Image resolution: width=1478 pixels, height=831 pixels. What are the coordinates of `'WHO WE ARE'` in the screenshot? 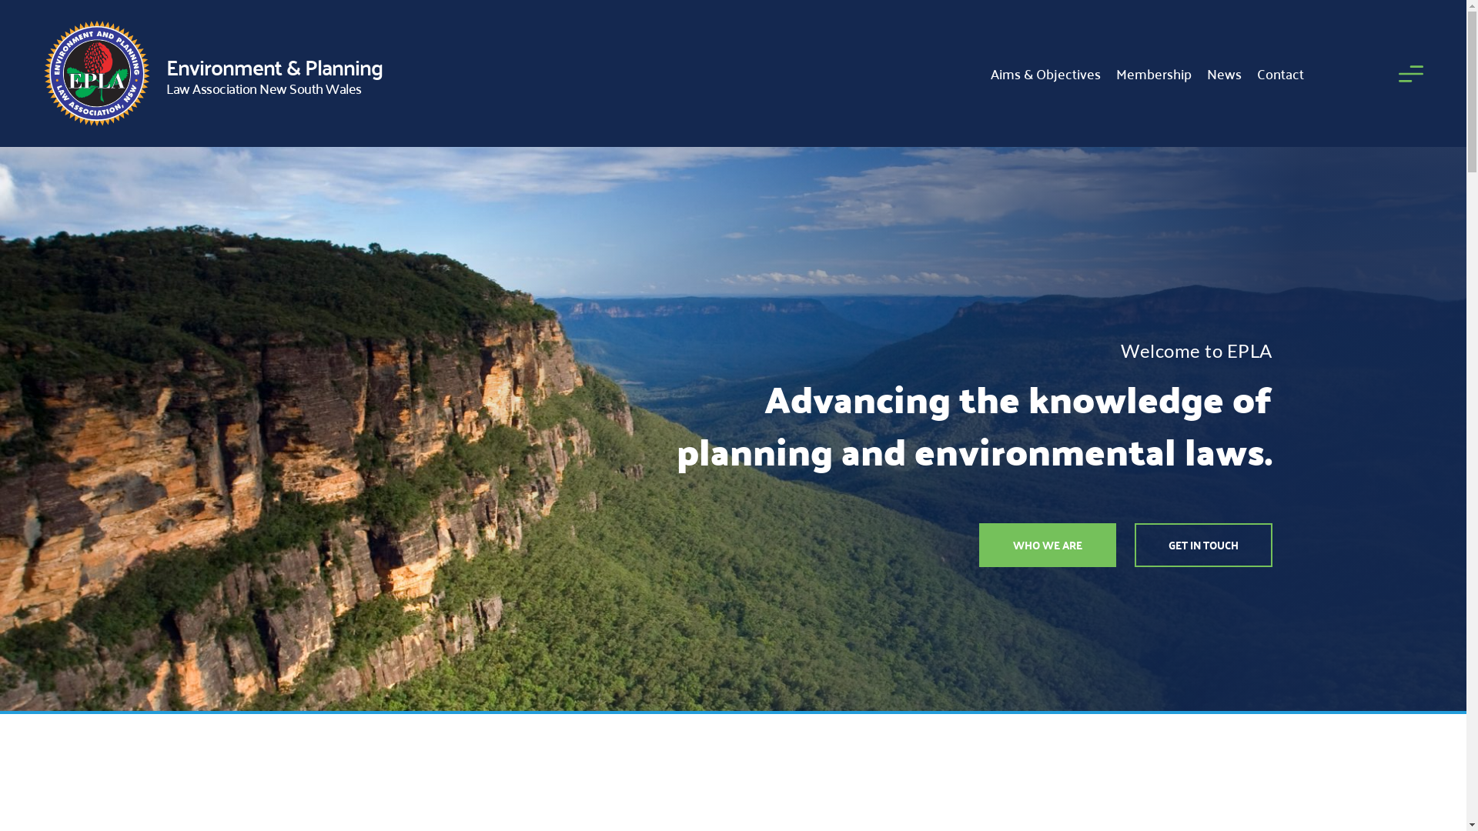 It's located at (1047, 544).